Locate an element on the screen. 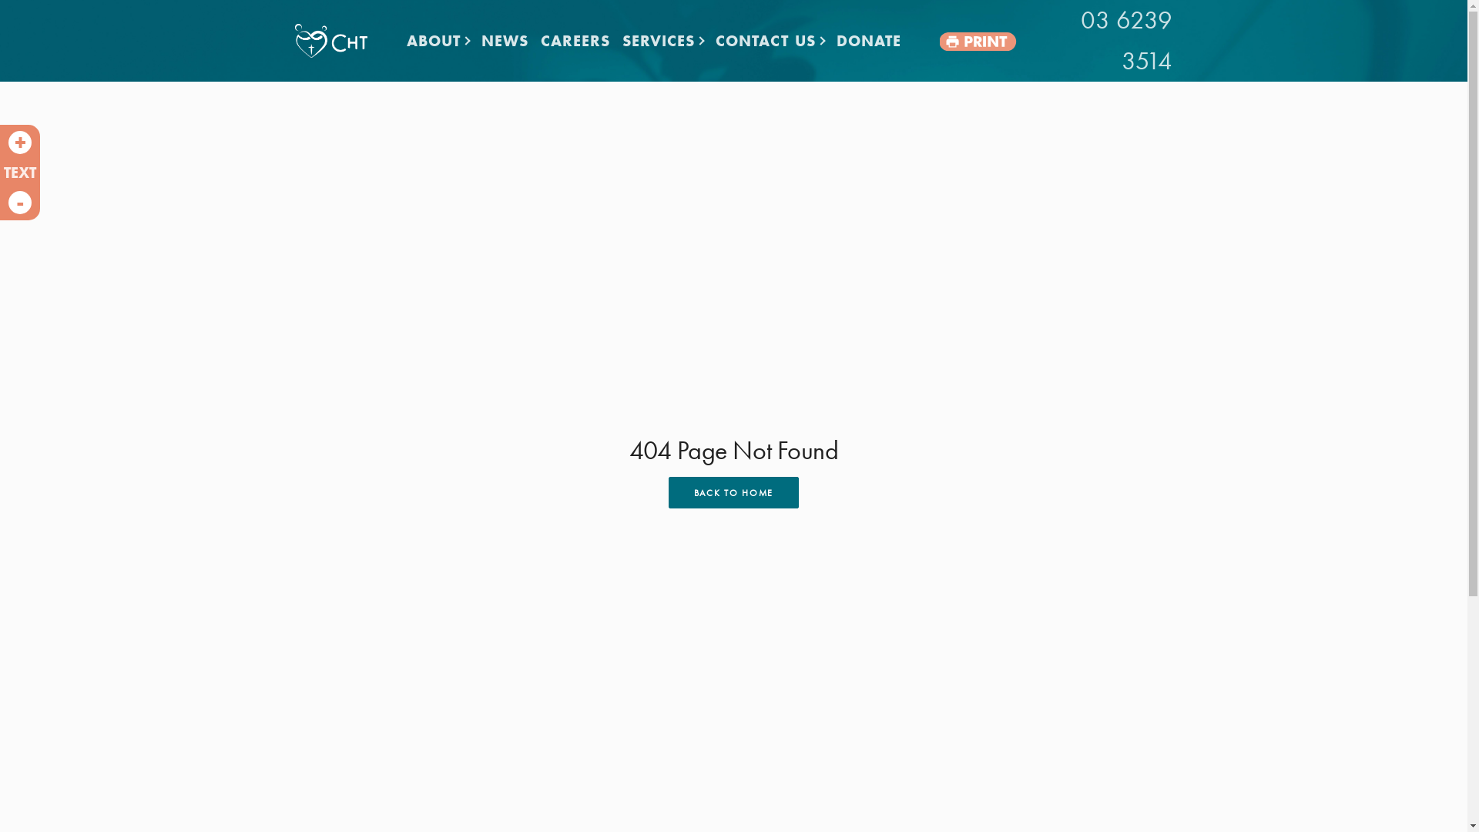 Image resolution: width=1479 pixels, height=832 pixels. 'NEWS' is located at coordinates (505, 40).